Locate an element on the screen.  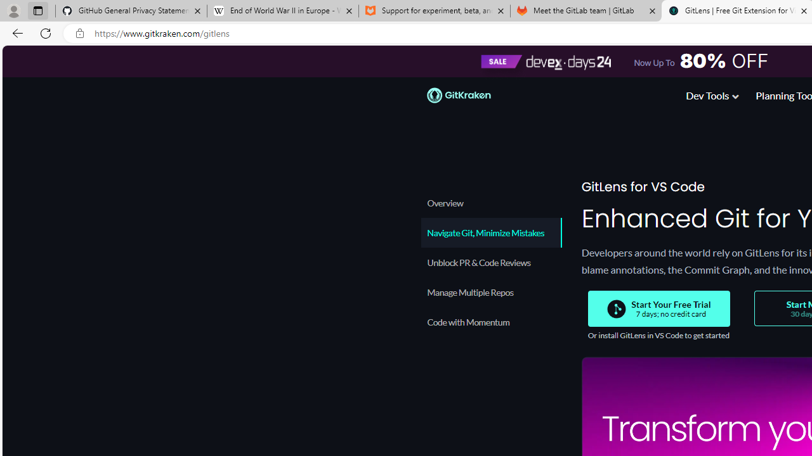
'Meet the GitLab team | GitLab' is located at coordinates (586, 11).